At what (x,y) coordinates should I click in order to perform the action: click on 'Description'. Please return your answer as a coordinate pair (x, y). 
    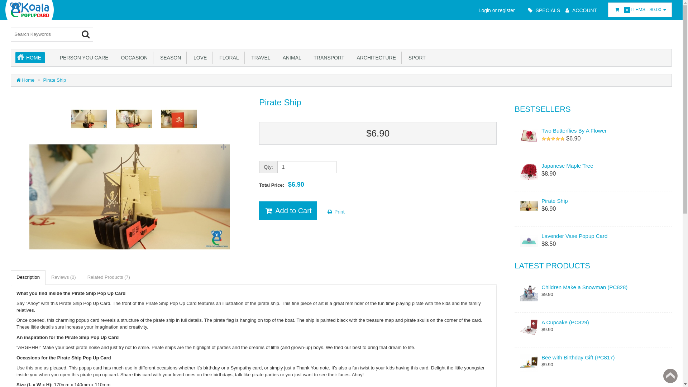
    Looking at the image, I should click on (28, 277).